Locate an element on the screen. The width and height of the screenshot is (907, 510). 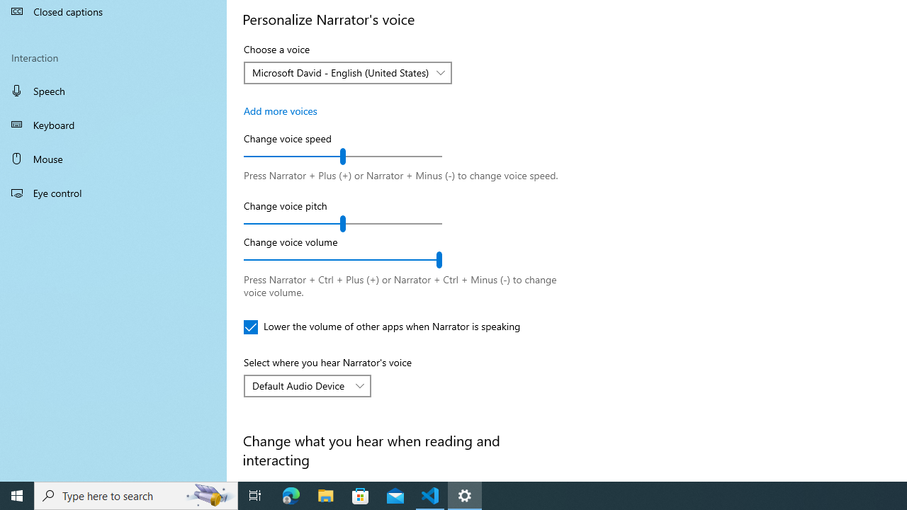
'Mouse' is located at coordinates (113, 158).